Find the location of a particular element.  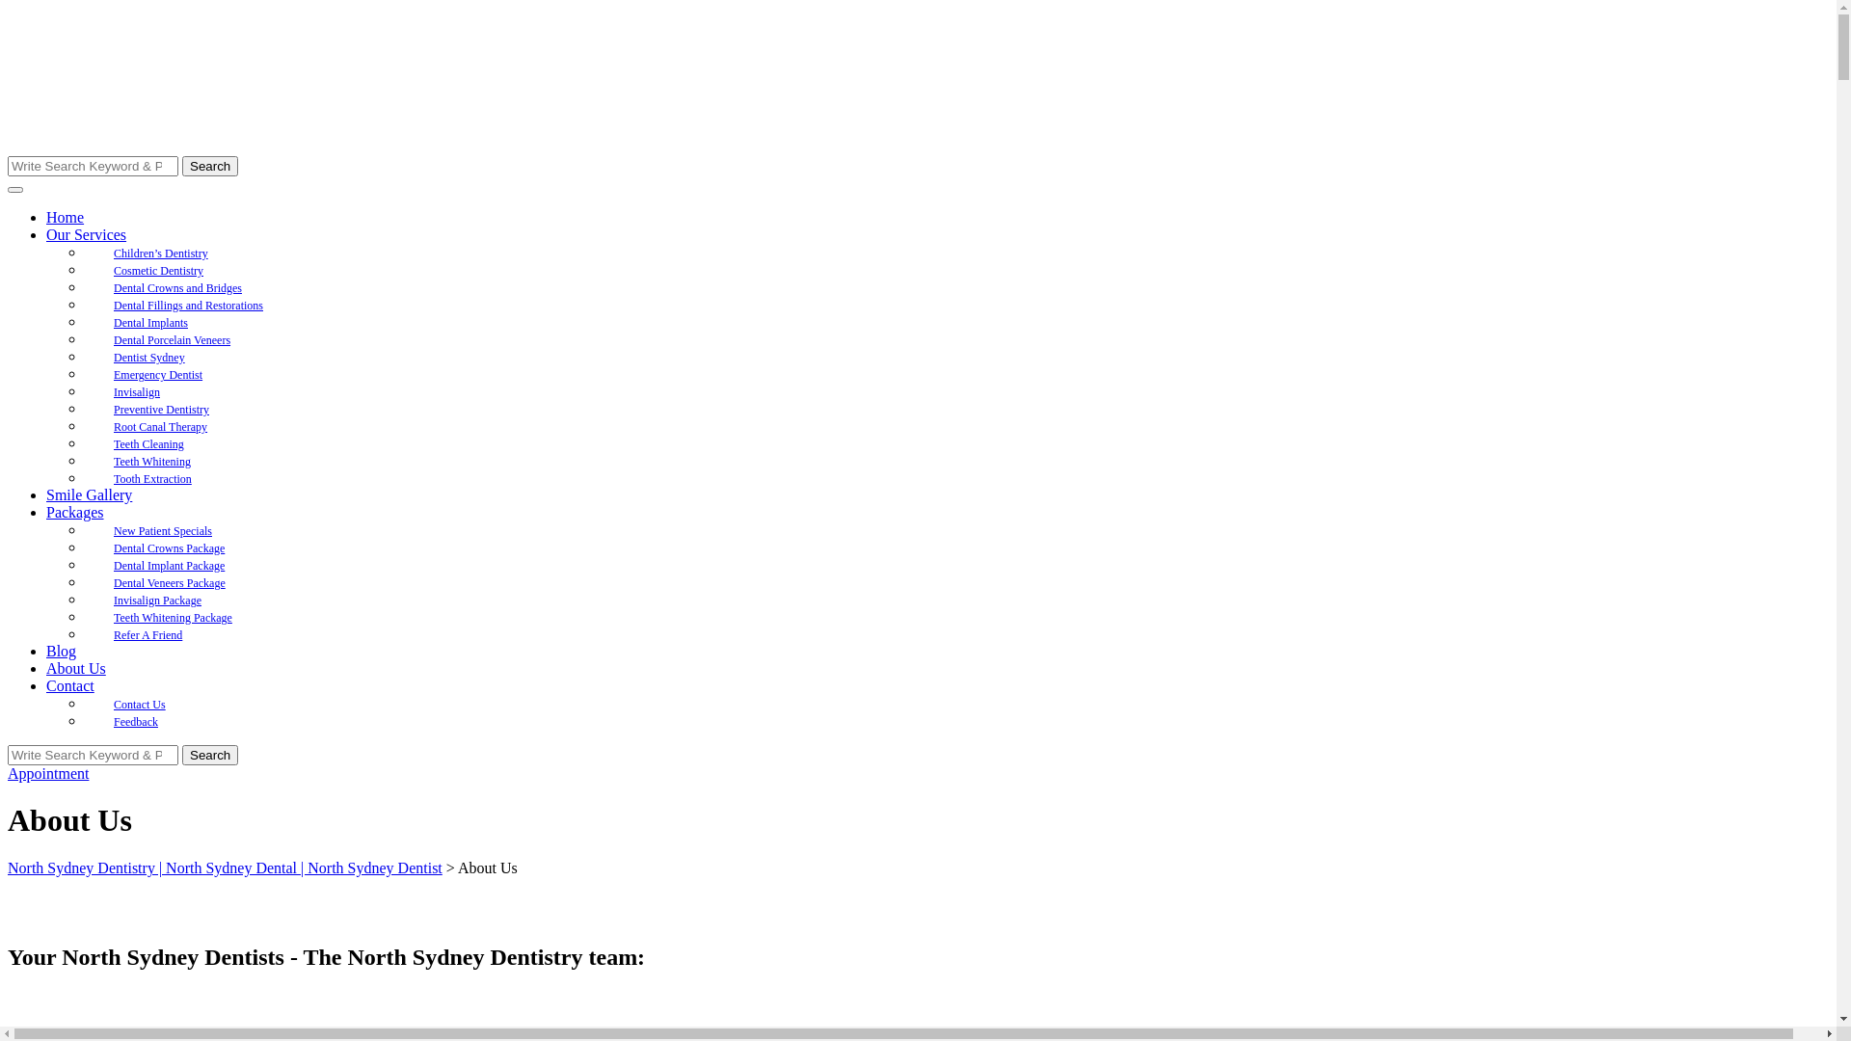

'Tooth Extraction' is located at coordinates (151, 478).